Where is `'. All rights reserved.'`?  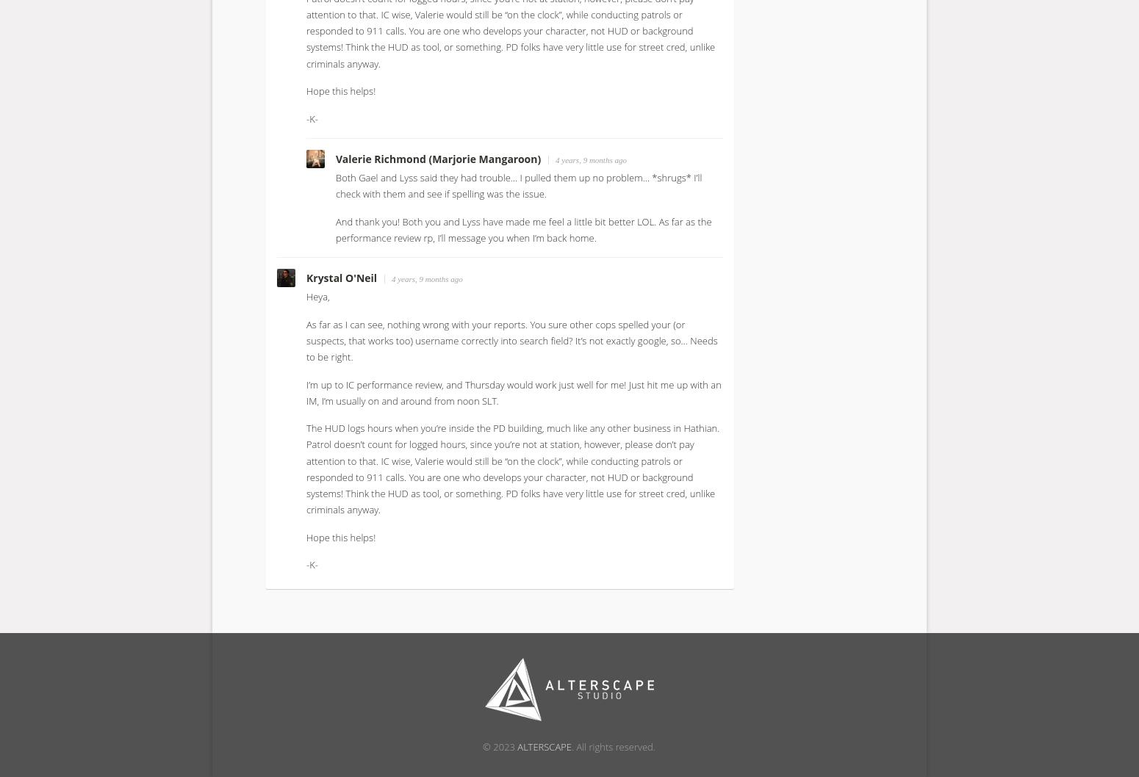
'. All rights reserved.' is located at coordinates (570, 745).